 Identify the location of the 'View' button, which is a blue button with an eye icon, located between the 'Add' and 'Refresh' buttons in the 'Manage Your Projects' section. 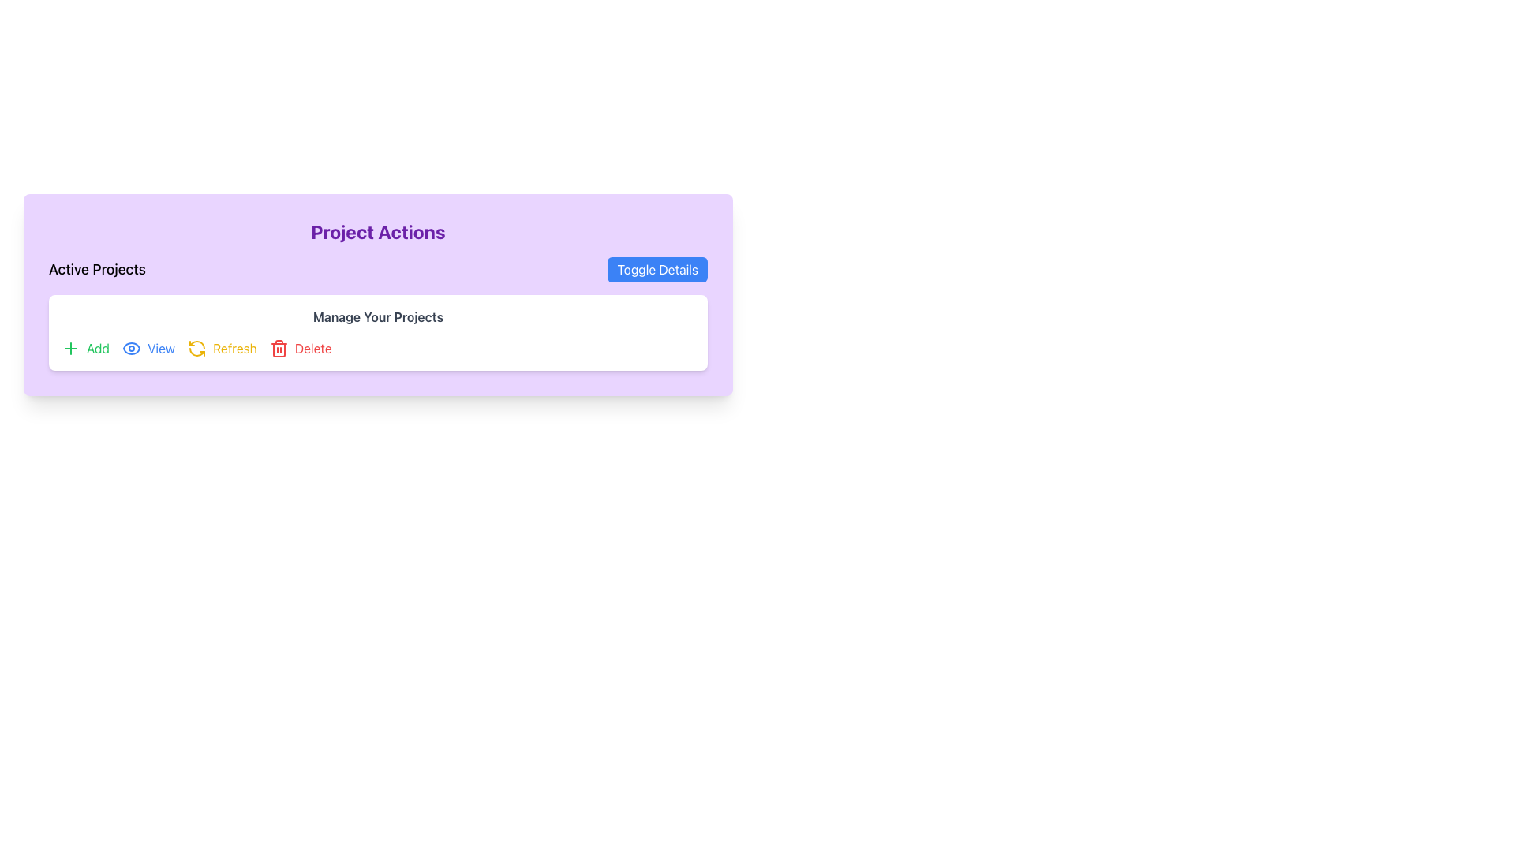
(148, 348).